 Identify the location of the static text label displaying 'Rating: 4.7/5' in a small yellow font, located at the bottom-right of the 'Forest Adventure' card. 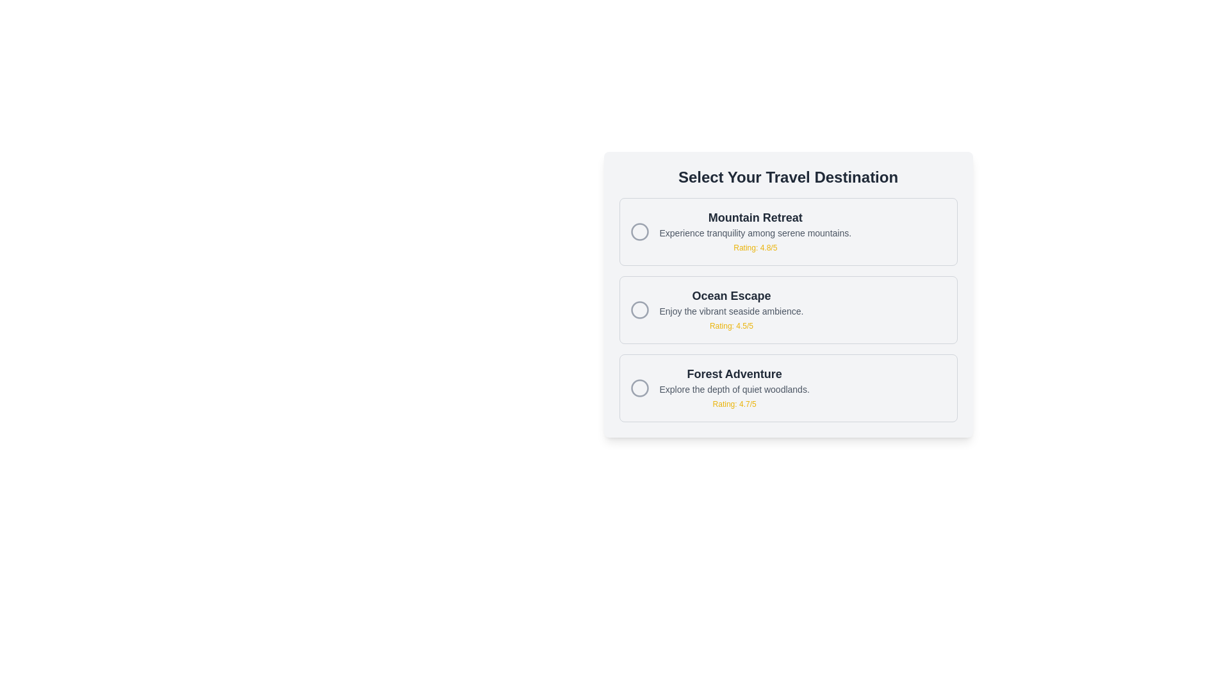
(734, 404).